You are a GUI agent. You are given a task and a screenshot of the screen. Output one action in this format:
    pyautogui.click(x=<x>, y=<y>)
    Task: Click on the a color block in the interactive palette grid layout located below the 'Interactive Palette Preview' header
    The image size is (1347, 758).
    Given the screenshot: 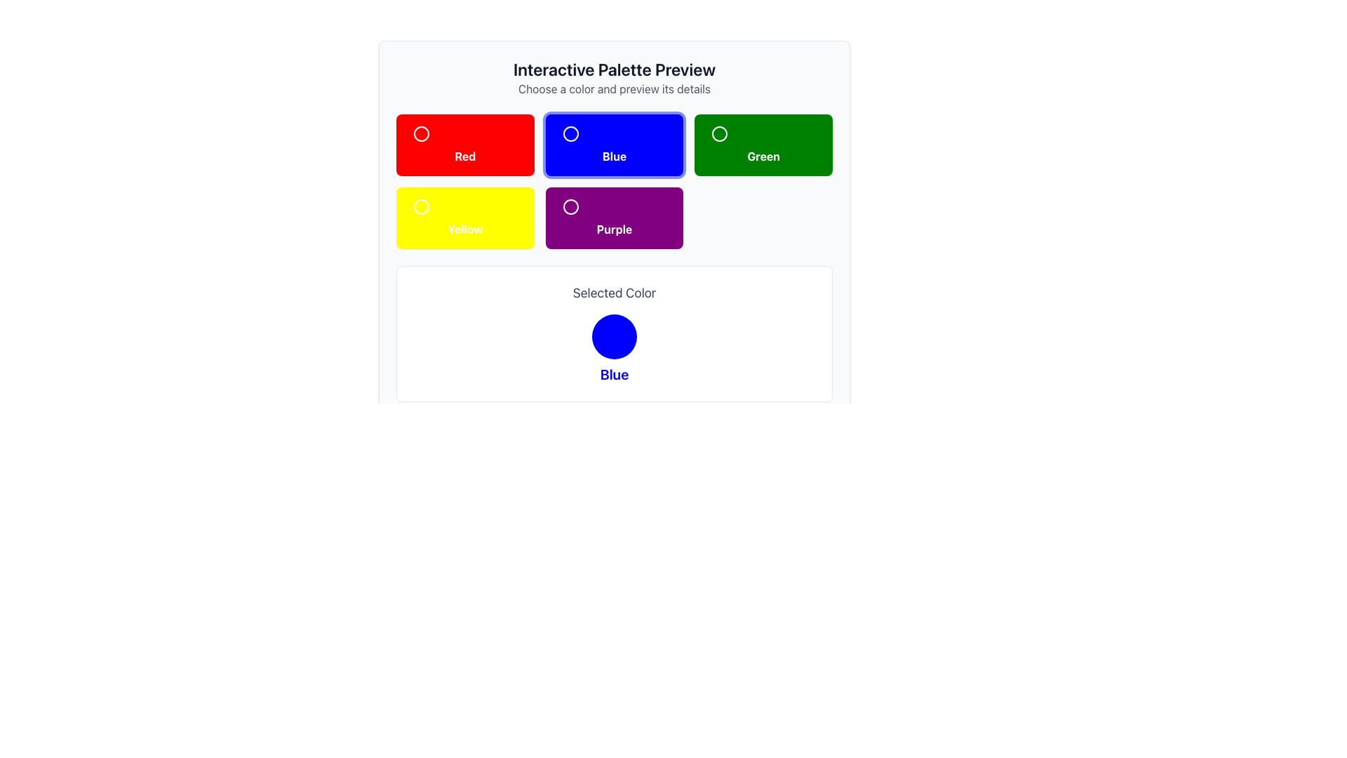 What is the action you would take?
    pyautogui.click(x=614, y=180)
    